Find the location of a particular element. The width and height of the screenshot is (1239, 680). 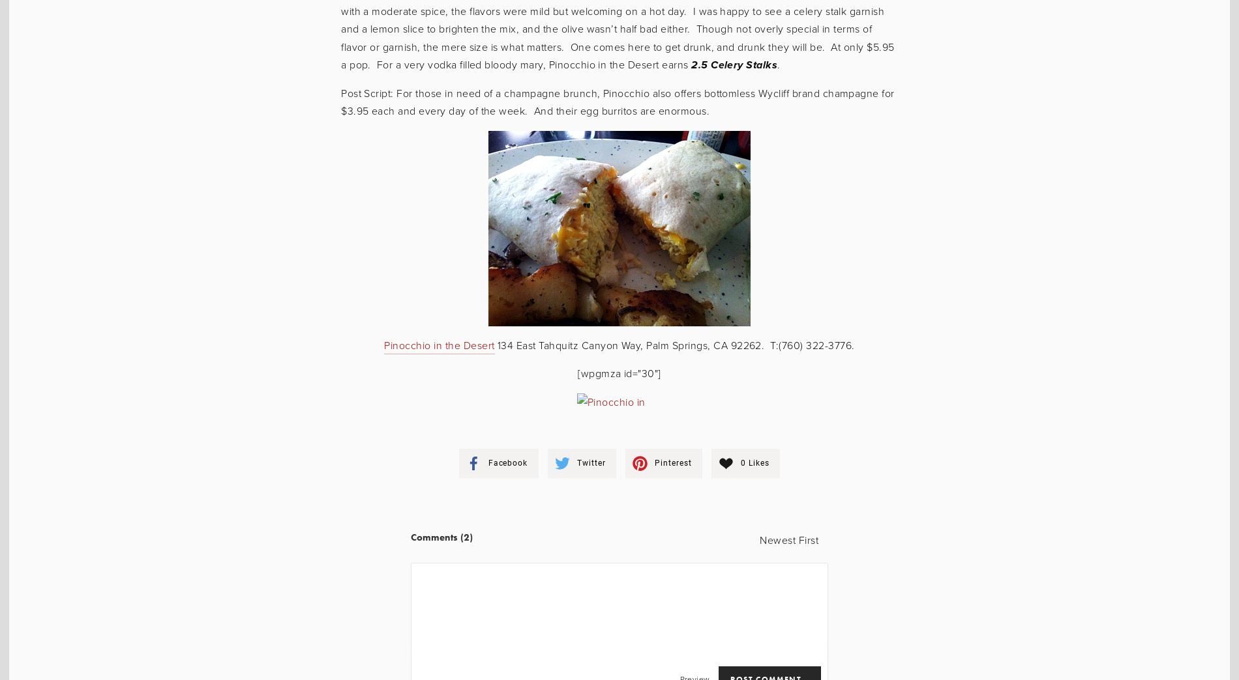

'2.5' is located at coordinates (699, 64).